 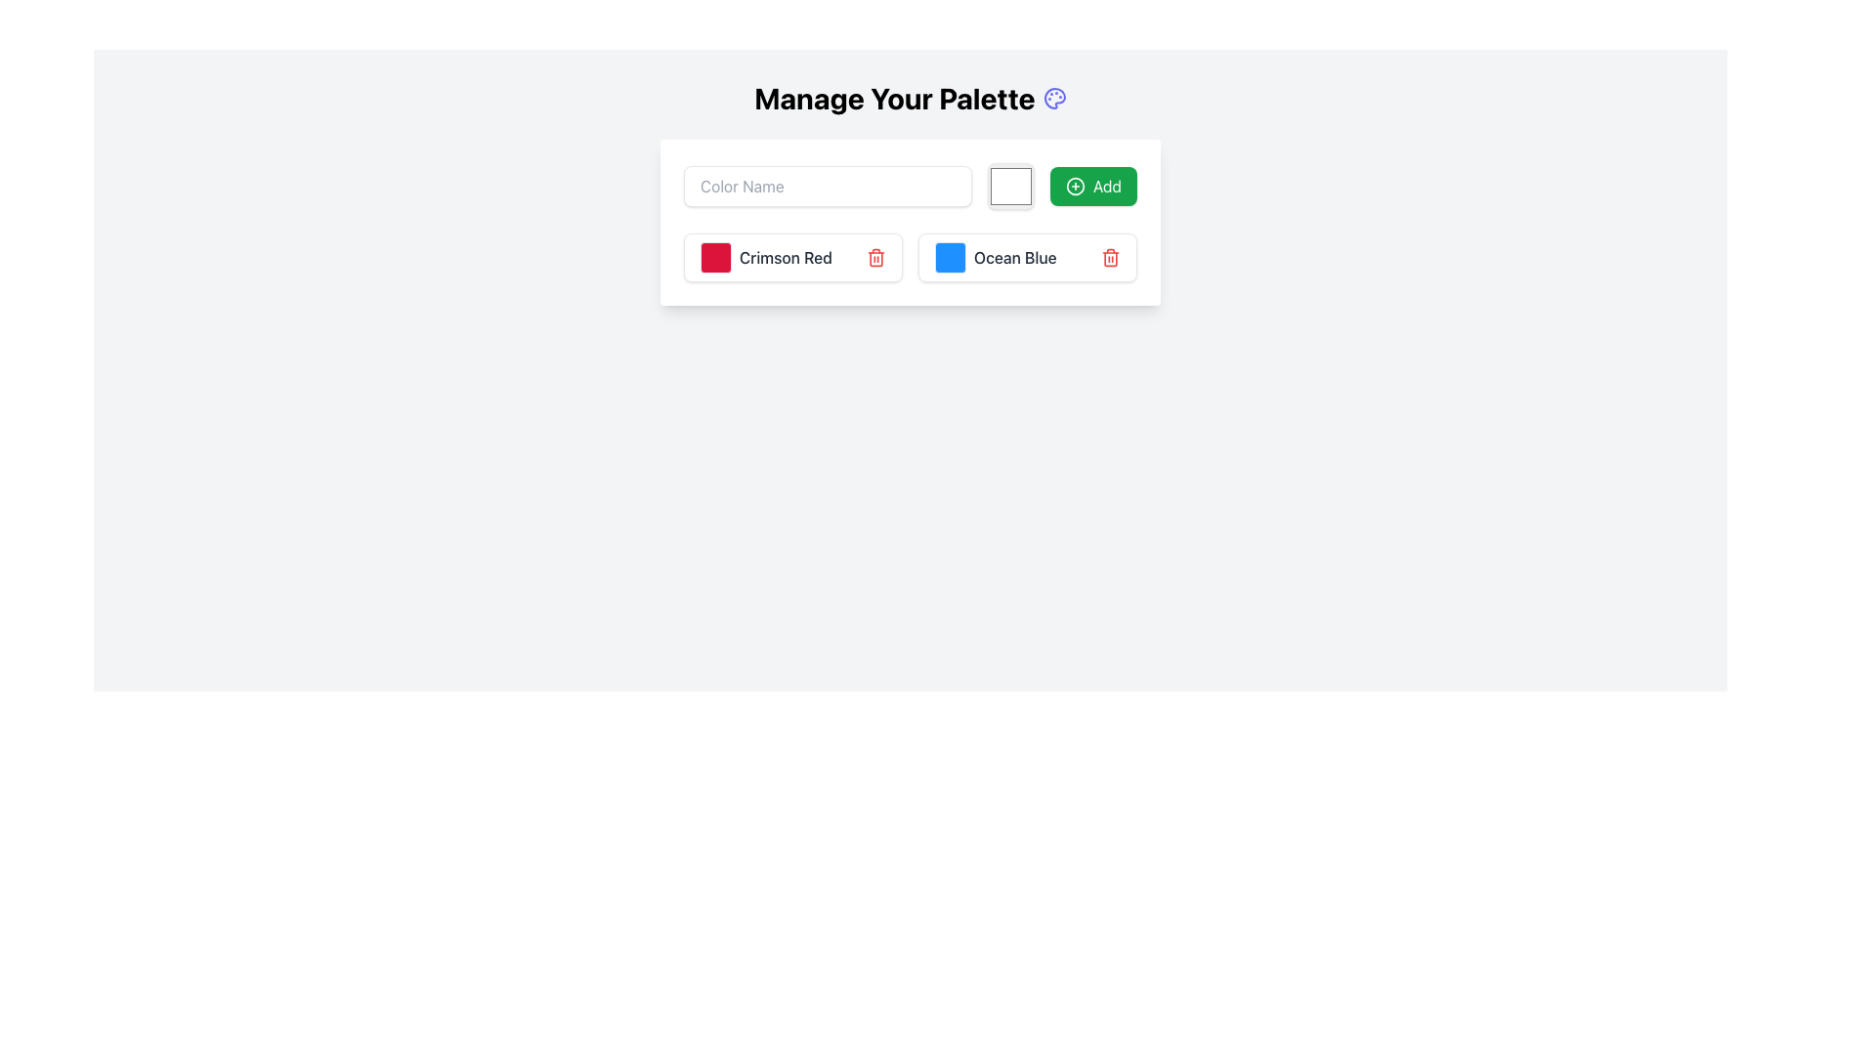 I want to click on the color associated with the 'Ocean Blue' text label located in the color palette section of the 'Manage Your Palette' interface, so click(x=1014, y=256).